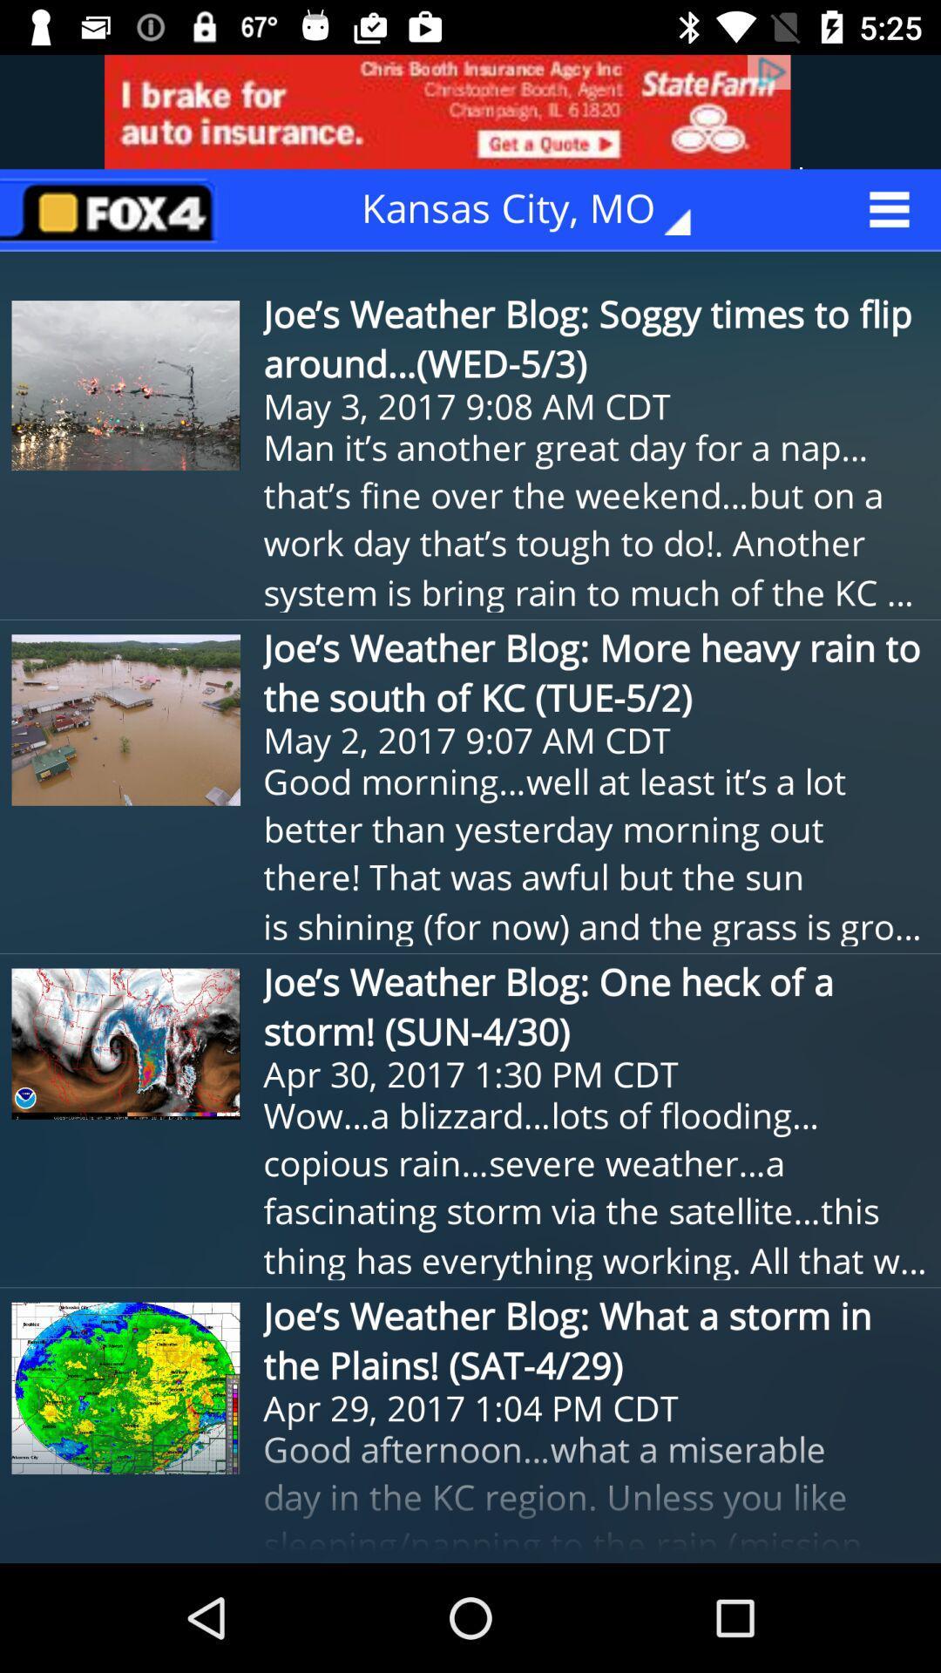  Describe the element at coordinates (470, 111) in the screenshot. I see `banner advertisement` at that location.